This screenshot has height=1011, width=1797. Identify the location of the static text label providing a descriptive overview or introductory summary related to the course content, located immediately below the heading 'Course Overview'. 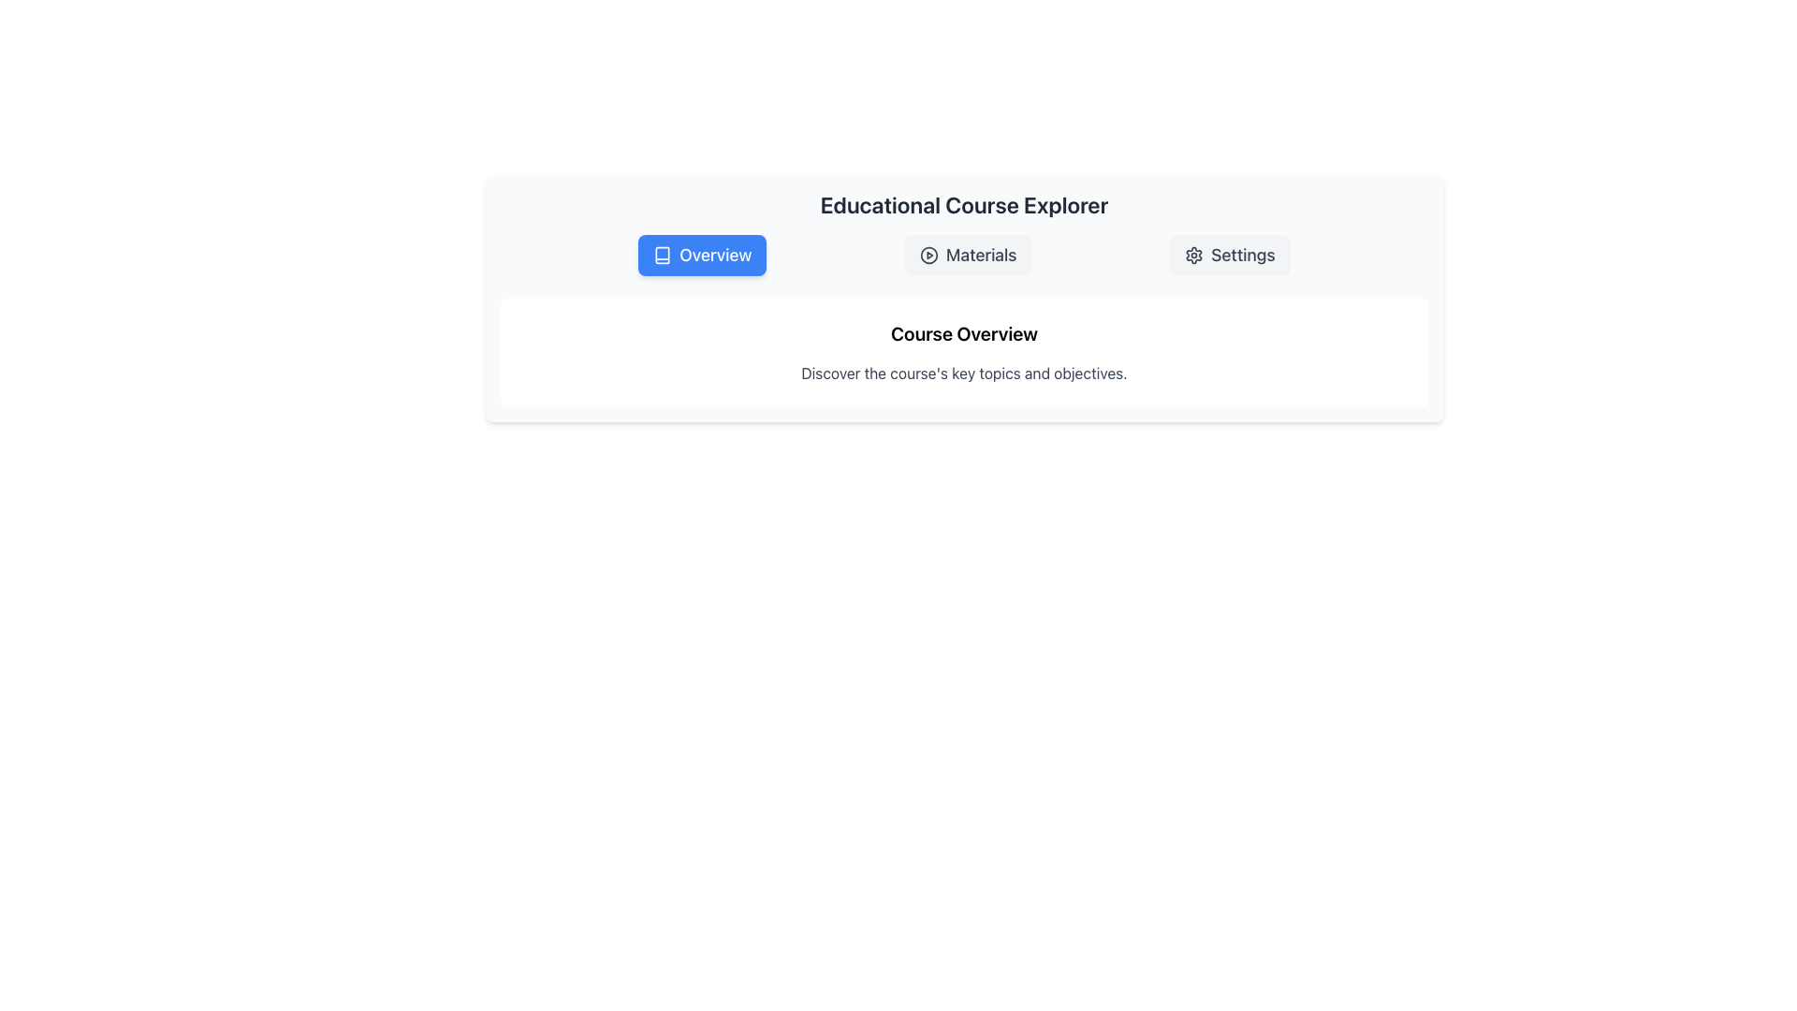
(964, 373).